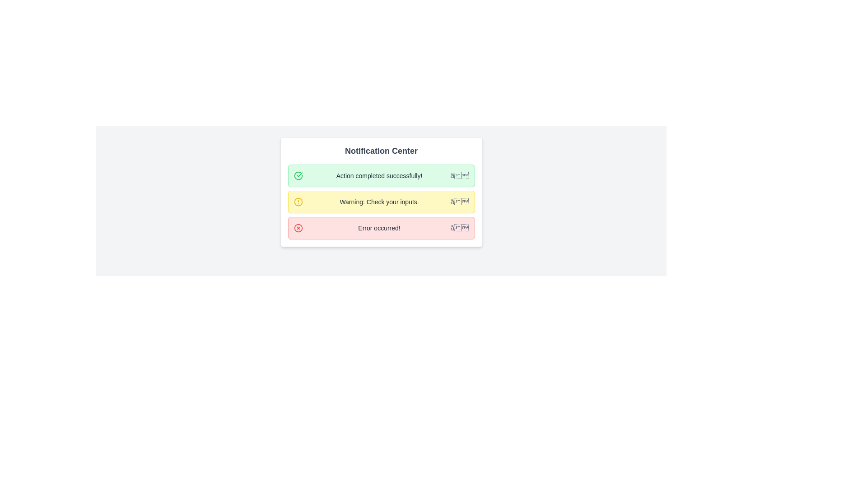  I want to click on message in the warning notification alert that says 'Warning: Check your inputs.', so click(381, 201).